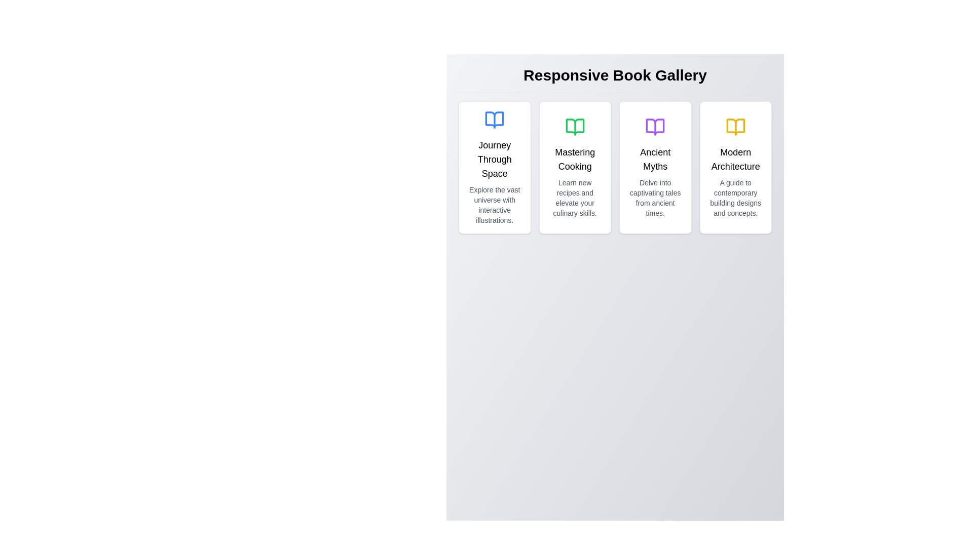 The height and width of the screenshot is (547, 973). What do you see at coordinates (575, 167) in the screenshot?
I see `the second Informational Card in the Responsive Book Gallery` at bounding box center [575, 167].